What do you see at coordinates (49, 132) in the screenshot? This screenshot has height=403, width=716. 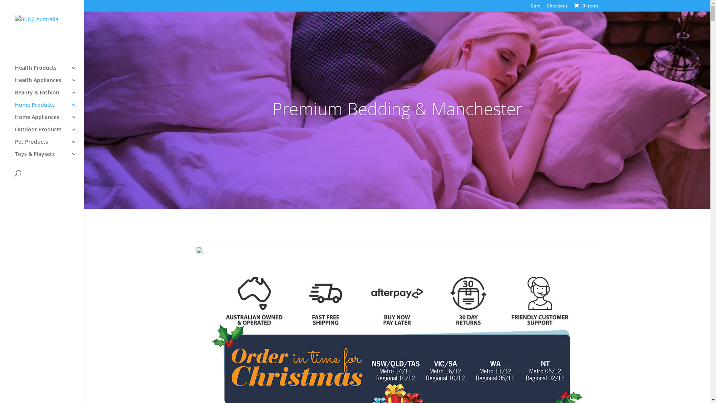 I see `'Outdoor Products'` at bounding box center [49, 132].